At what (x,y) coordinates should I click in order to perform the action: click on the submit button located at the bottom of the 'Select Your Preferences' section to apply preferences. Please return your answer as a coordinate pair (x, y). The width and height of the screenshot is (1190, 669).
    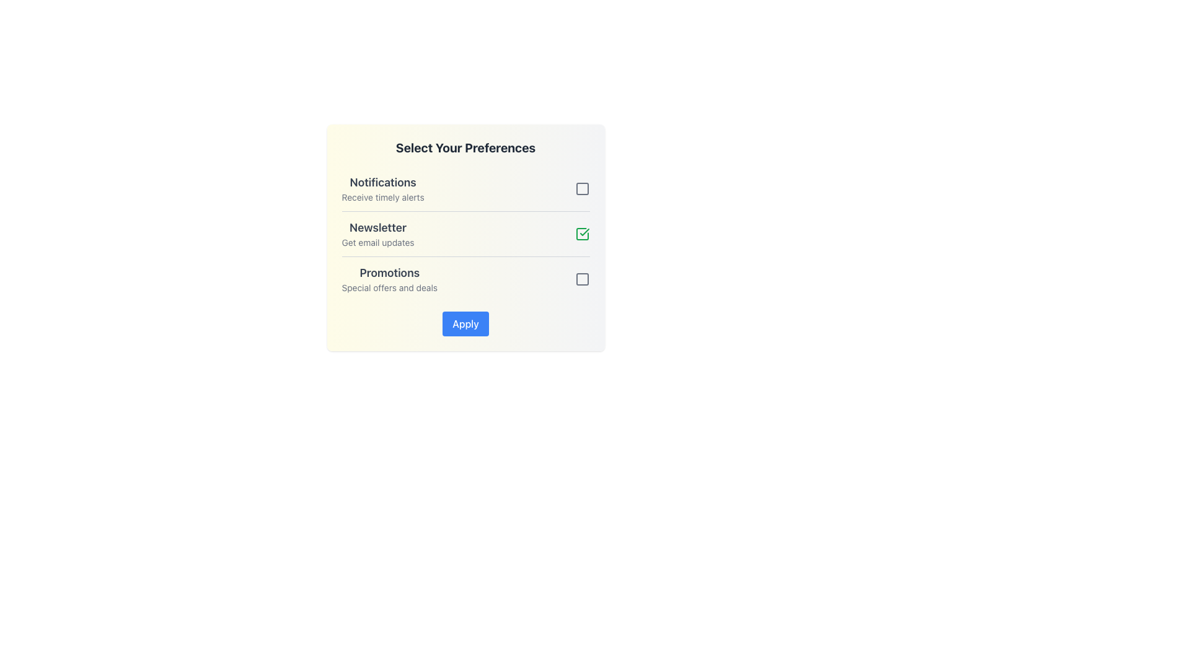
    Looking at the image, I should click on (465, 323).